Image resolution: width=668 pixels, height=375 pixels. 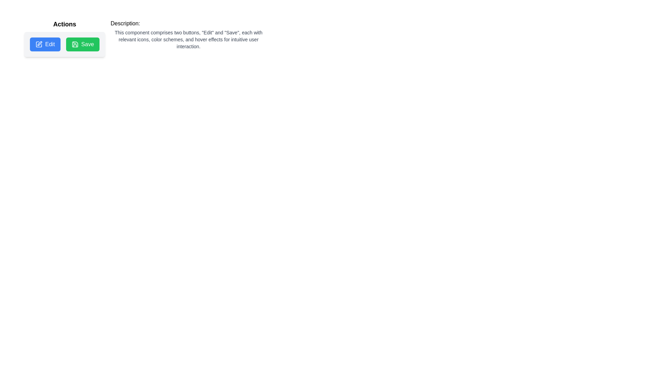 What do you see at coordinates (82, 44) in the screenshot?
I see `the 'Save' button, which is the second button from the left in a group of buttons` at bounding box center [82, 44].